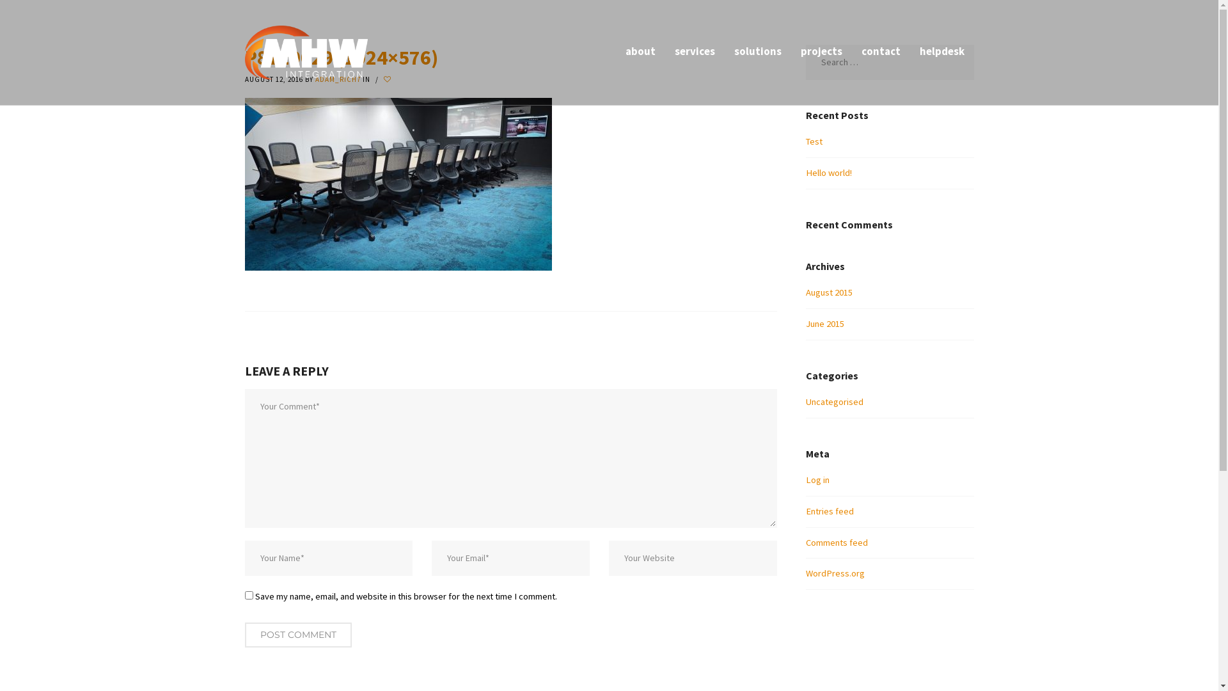  What do you see at coordinates (813, 141) in the screenshot?
I see `'Test'` at bounding box center [813, 141].